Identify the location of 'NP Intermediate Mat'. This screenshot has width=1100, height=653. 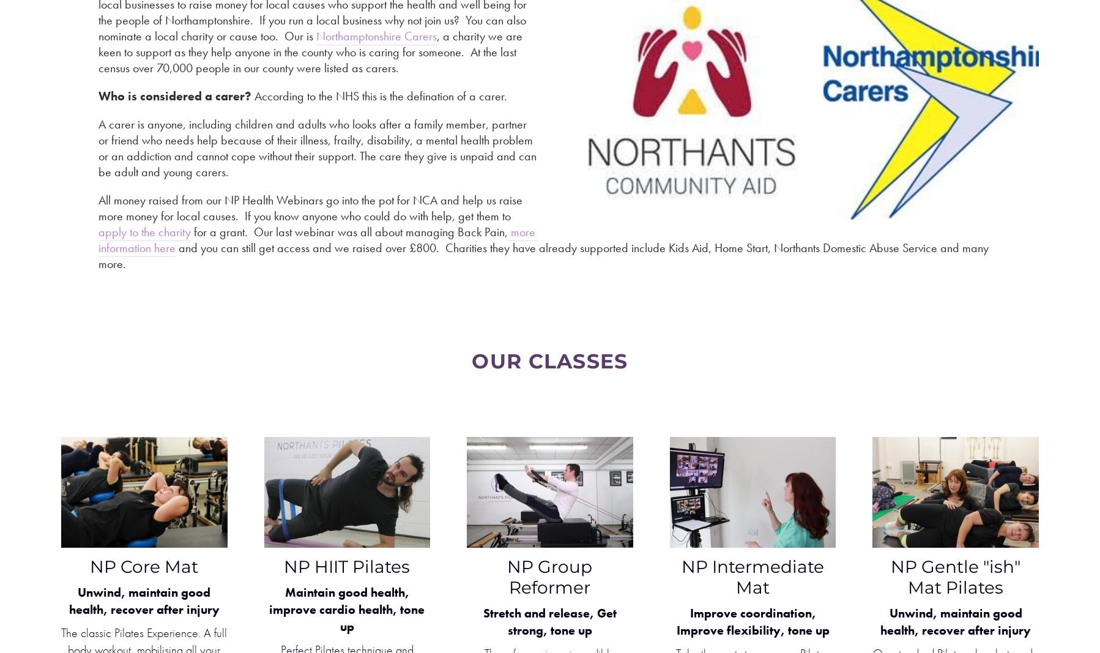
(752, 577).